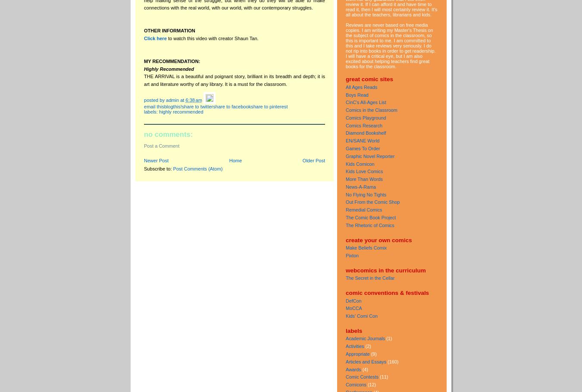  Describe the element at coordinates (212, 37) in the screenshot. I see `'to watch this video with creator Shaun Tan.'` at that location.